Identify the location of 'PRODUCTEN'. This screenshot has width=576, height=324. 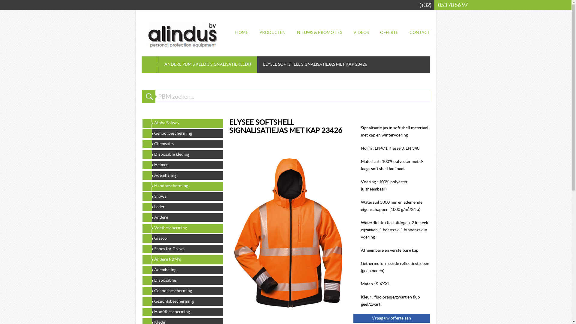
(272, 32).